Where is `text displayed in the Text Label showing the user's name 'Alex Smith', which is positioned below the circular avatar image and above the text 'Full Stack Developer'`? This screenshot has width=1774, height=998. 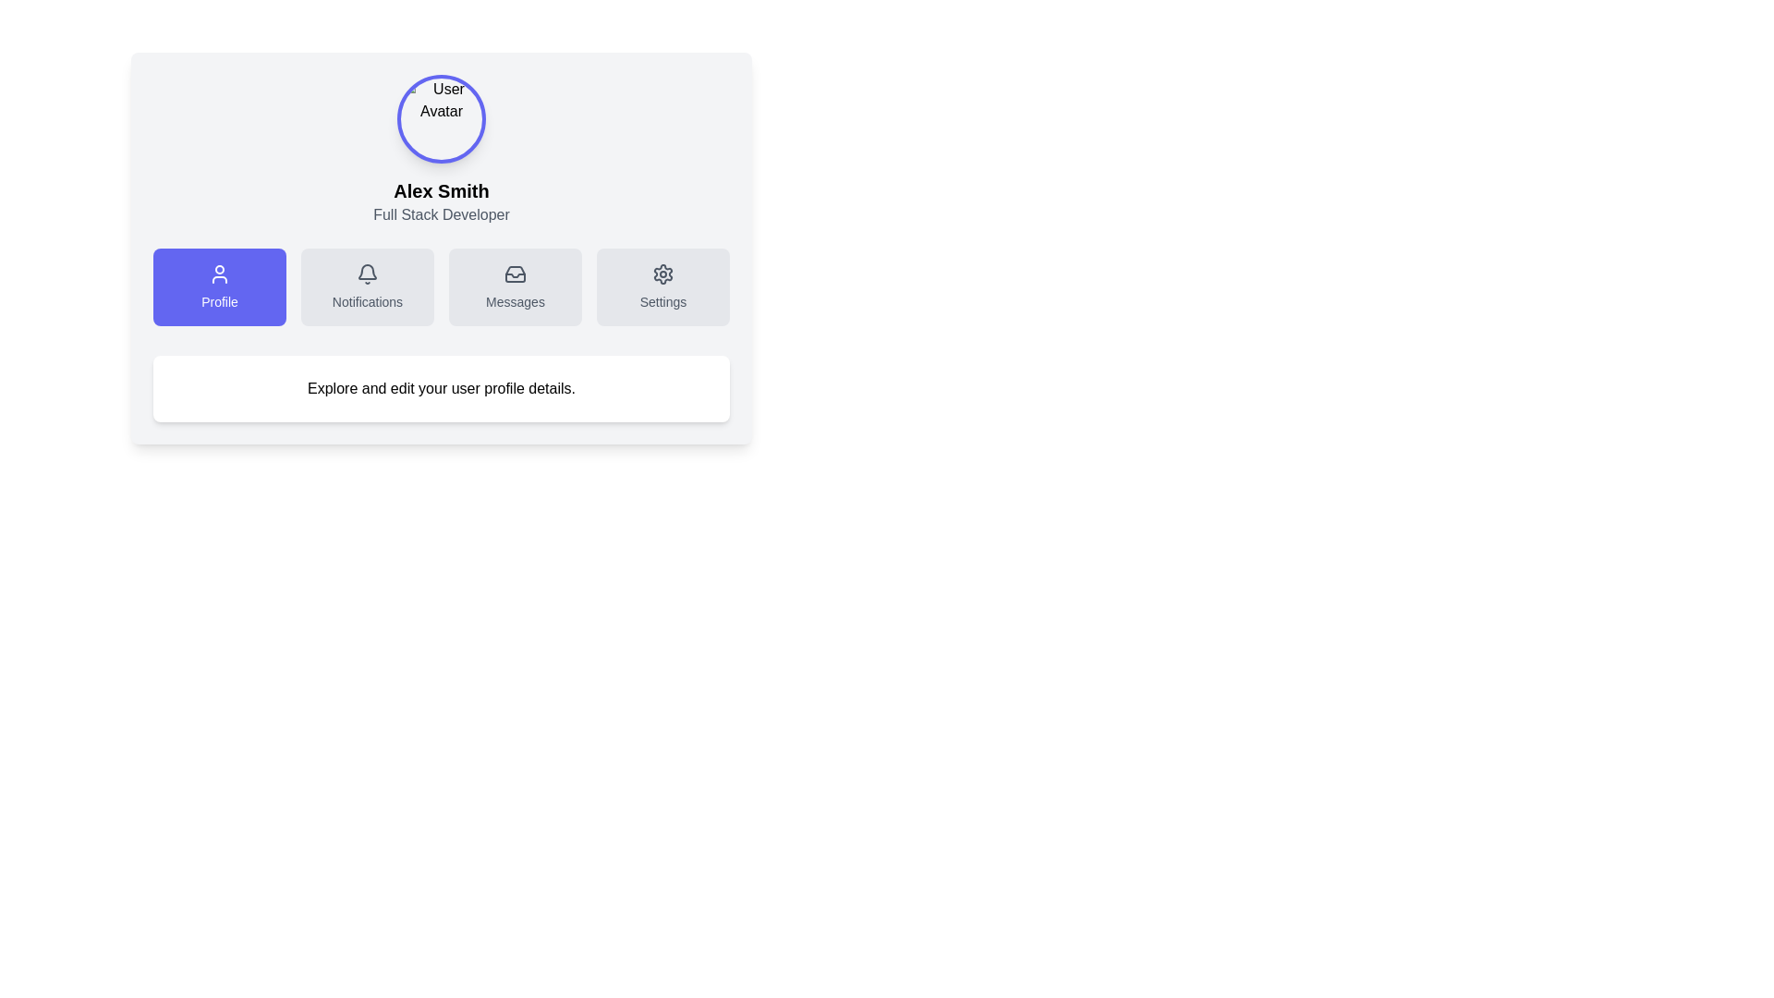 text displayed in the Text Label showing the user's name 'Alex Smith', which is positioned below the circular avatar image and above the text 'Full Stack Developer' is located at coordinates (441, 191).